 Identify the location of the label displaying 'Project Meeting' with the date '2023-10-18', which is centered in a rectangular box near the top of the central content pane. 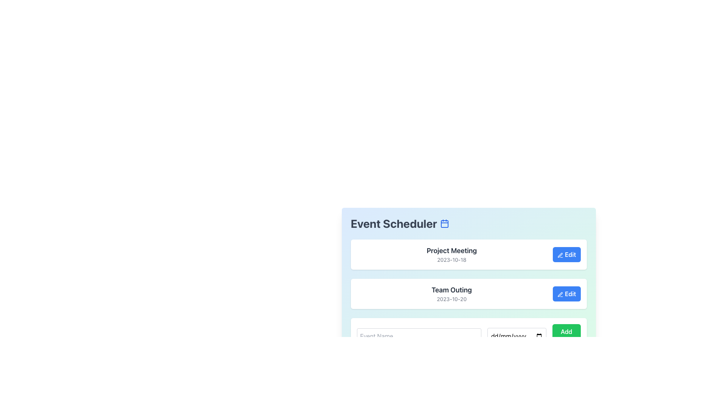
(451, 255).